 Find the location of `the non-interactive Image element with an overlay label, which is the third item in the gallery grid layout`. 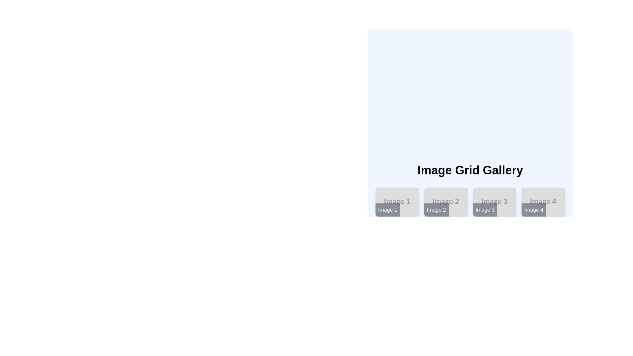

the non-interactive Image element with an overlay label, which is the third item in the gallery grid layout is located at coordinates (495, 202).